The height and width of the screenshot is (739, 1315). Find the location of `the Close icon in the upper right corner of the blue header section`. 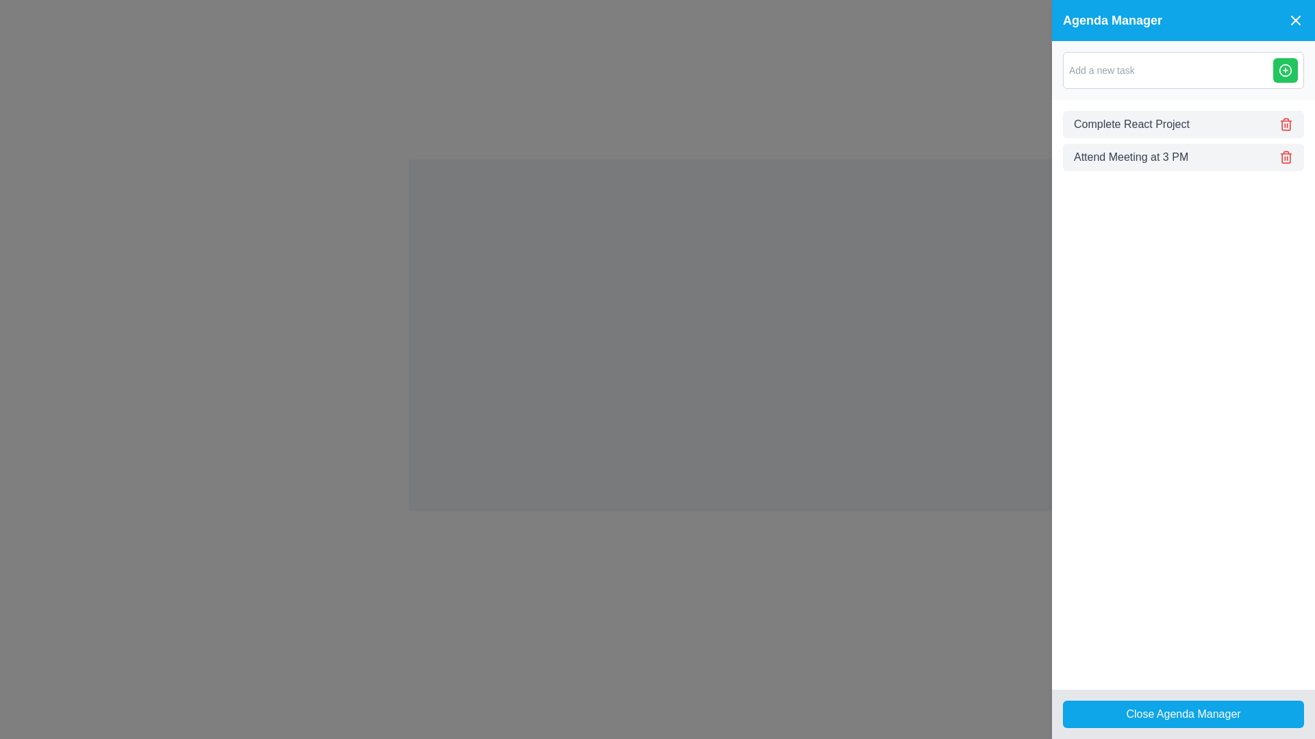

the Close icon in the upper right corner of the blue header section is located at coordinates (1294, 21).